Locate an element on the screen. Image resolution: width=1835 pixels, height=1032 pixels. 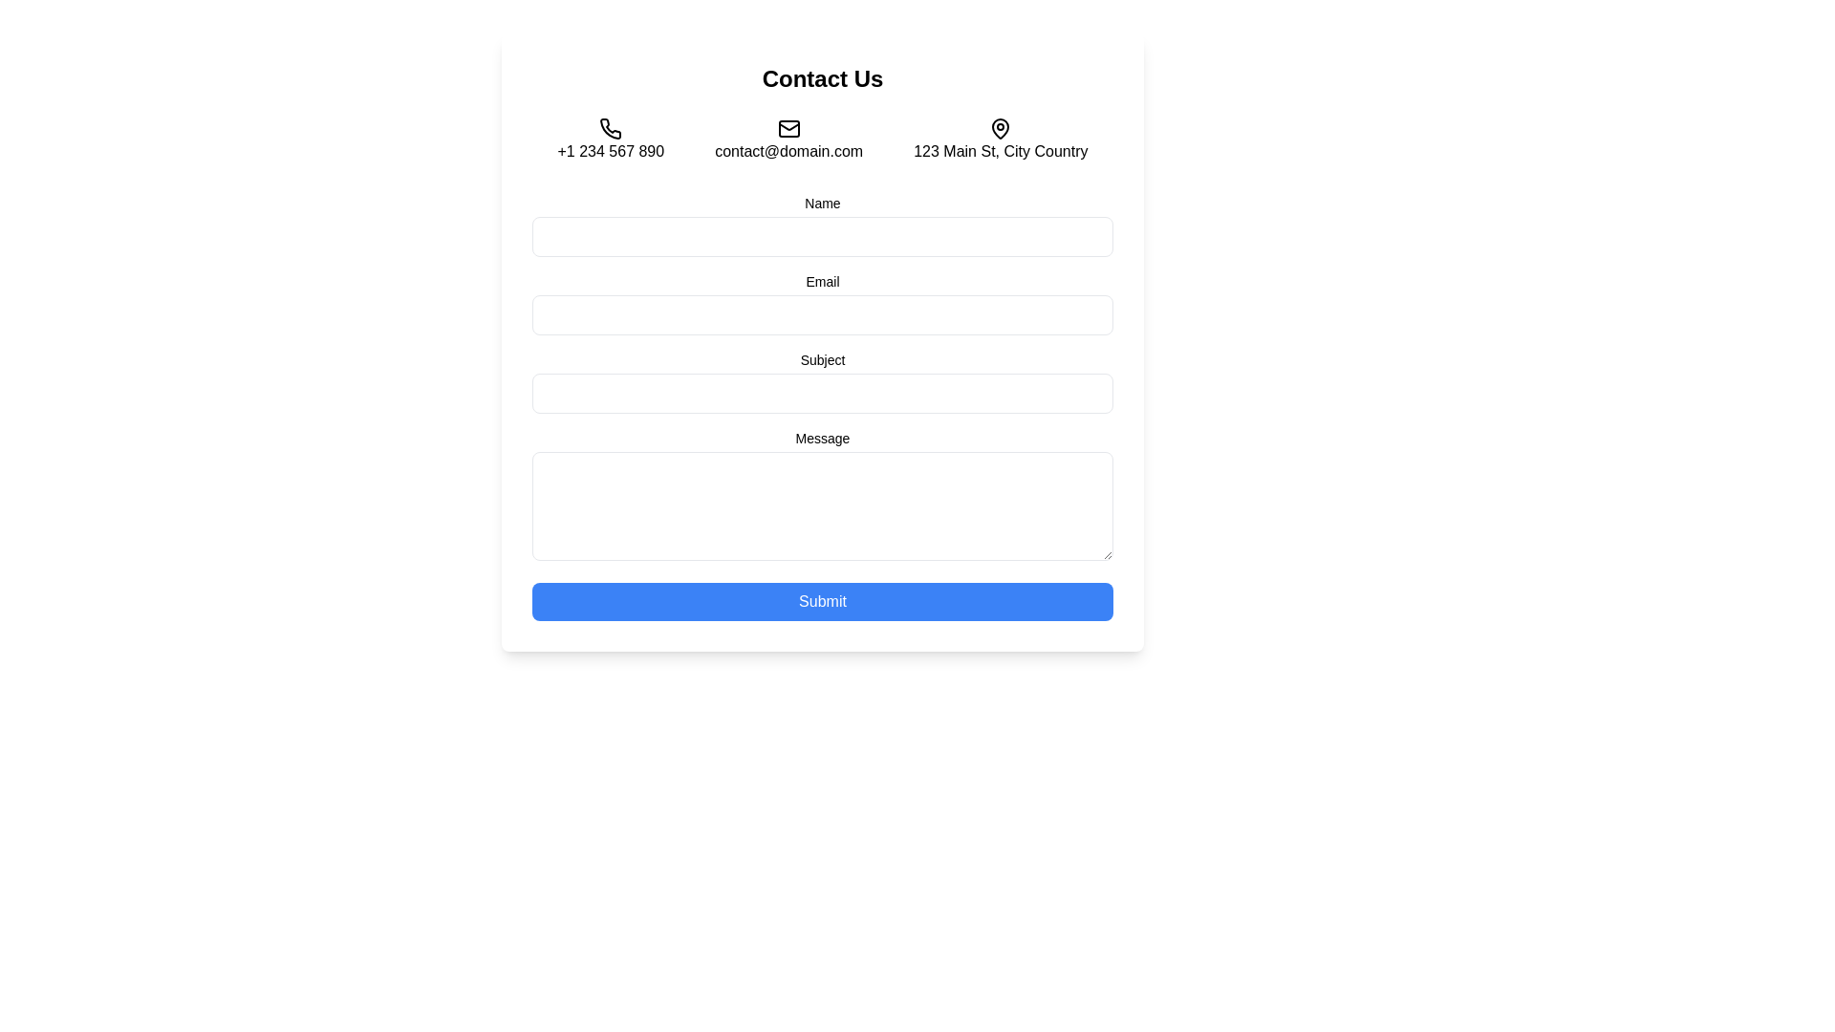
the Text header that serves as the title for the contact form section, located at the top-center of the interface above the contact information and form inputs is located at coordinates (822, 78).